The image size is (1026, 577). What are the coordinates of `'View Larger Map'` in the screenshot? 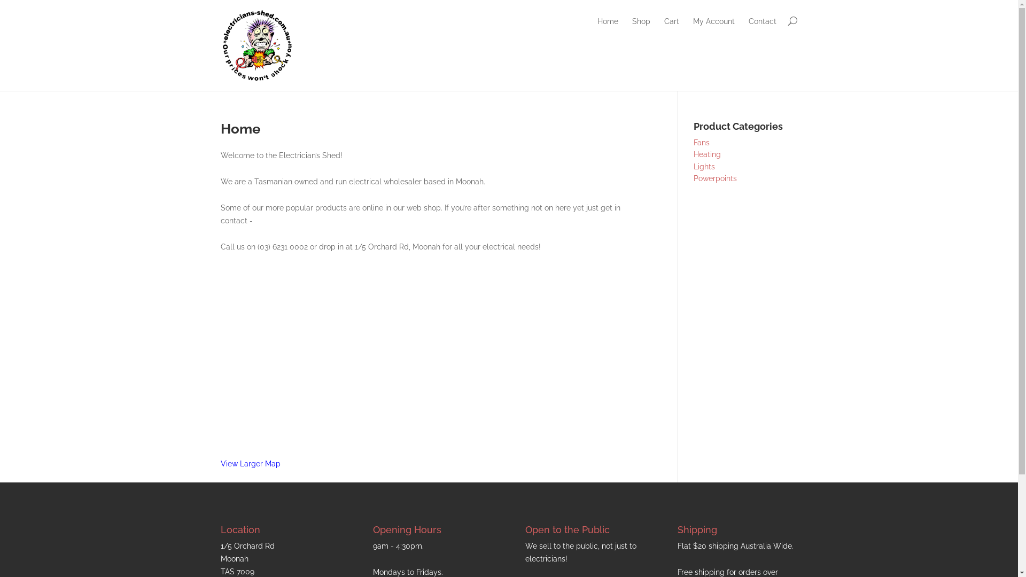 It's located at (249, 463).